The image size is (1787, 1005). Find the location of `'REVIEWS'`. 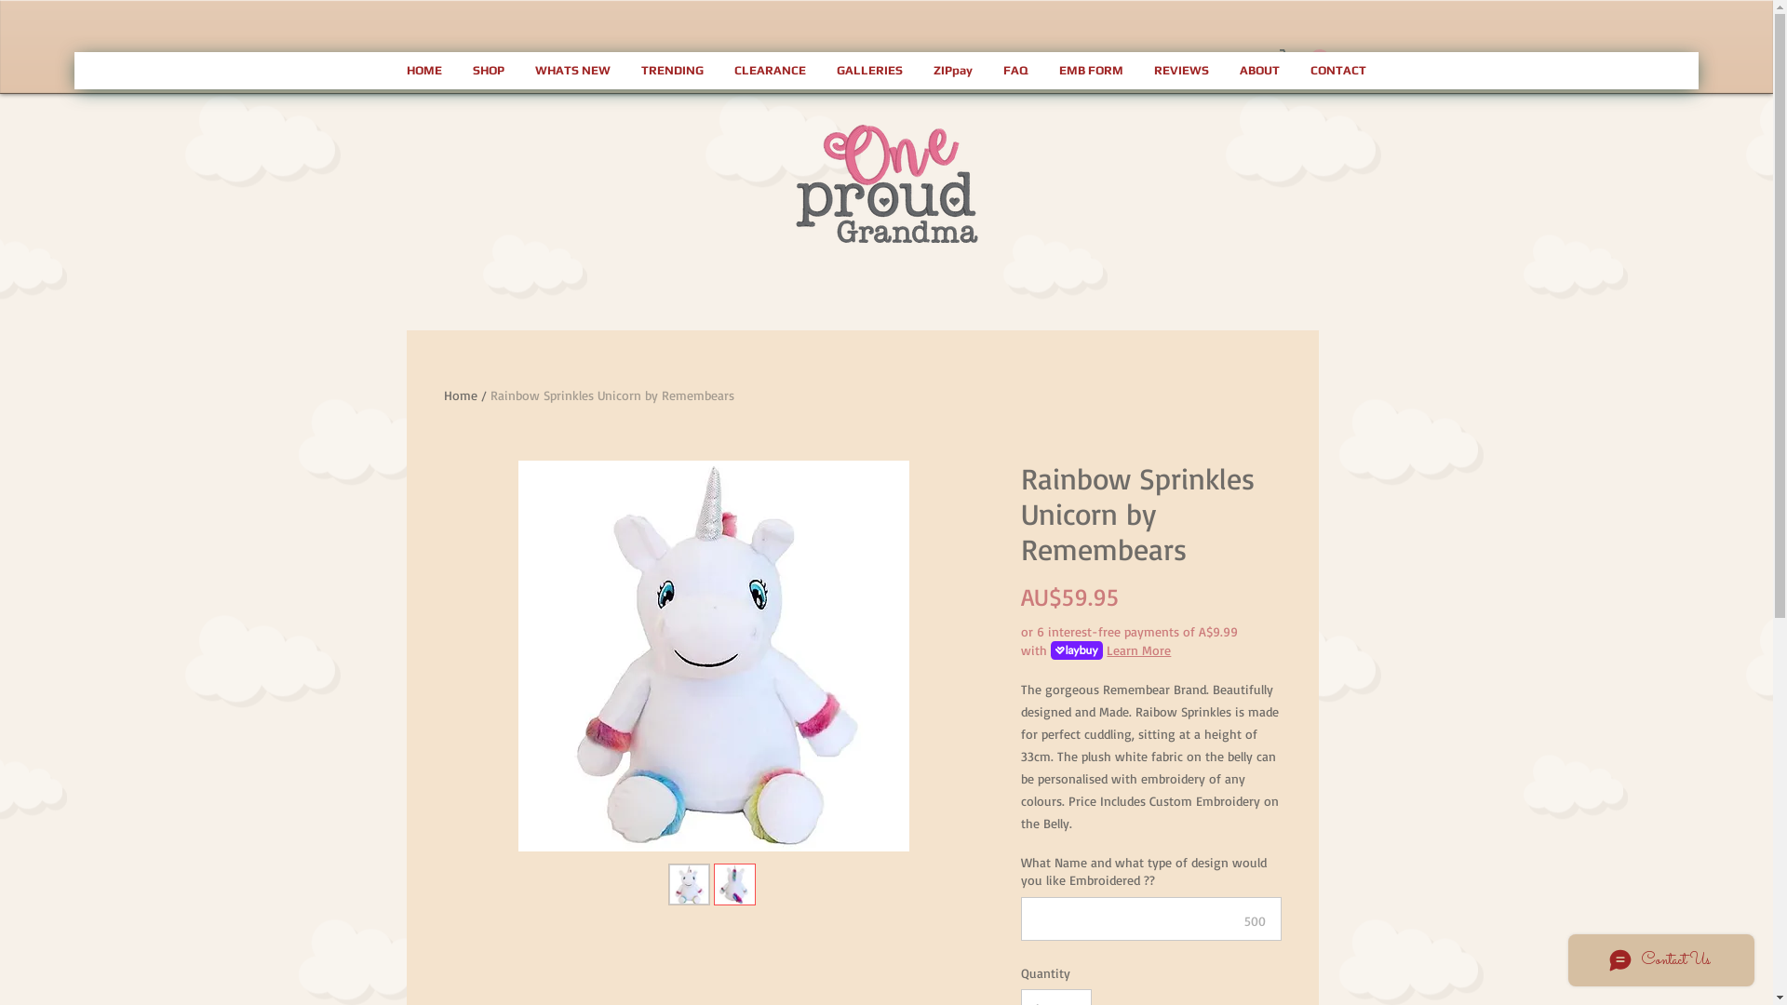

'REVIEWS' is located at coordinates (1181, 70).